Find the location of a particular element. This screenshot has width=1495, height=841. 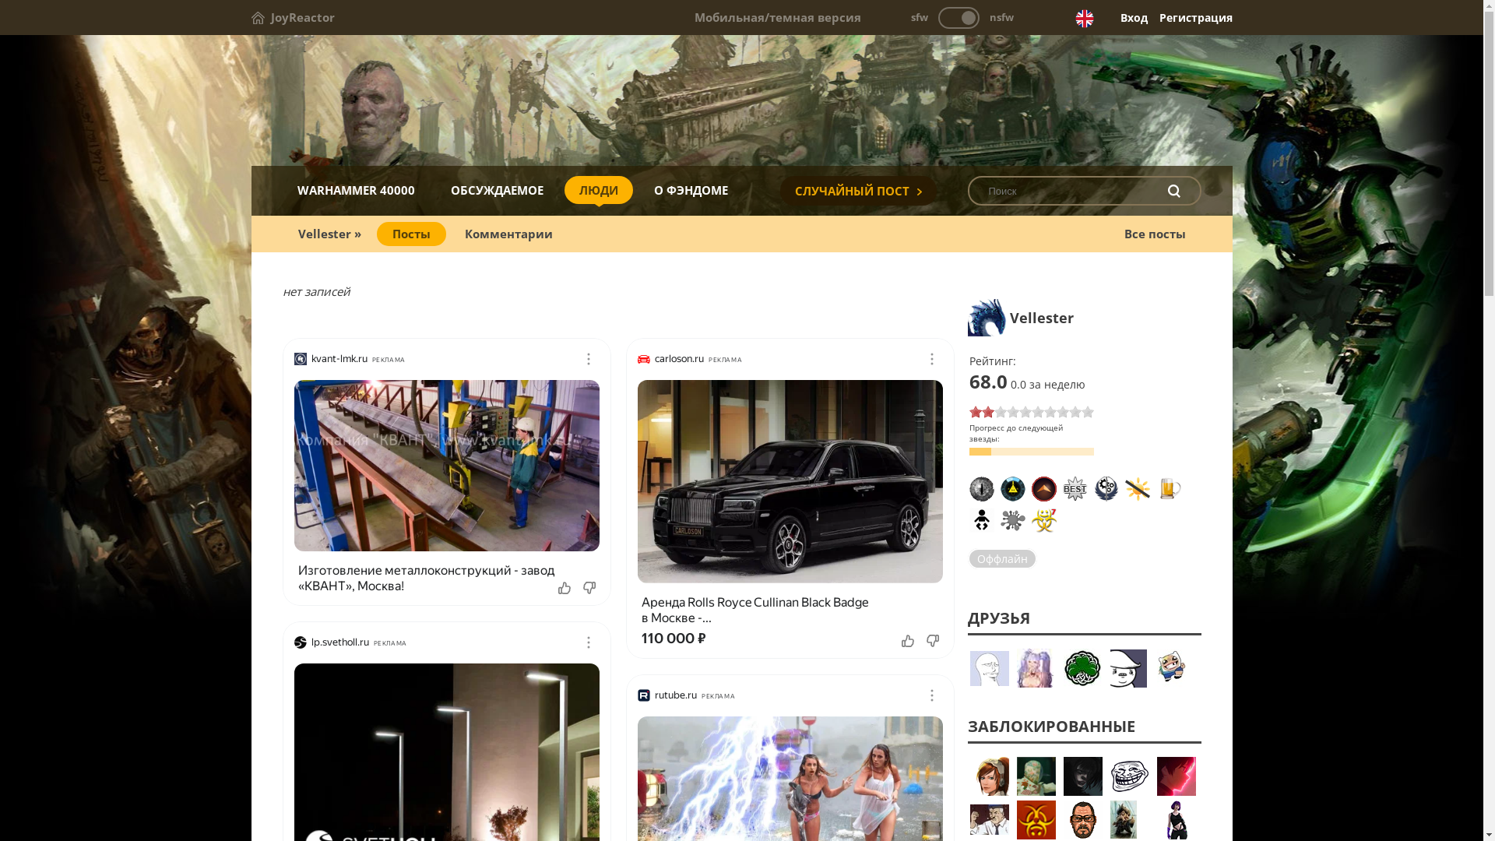

'WARHAMMER 40000' is located at coordinates (354, 188).